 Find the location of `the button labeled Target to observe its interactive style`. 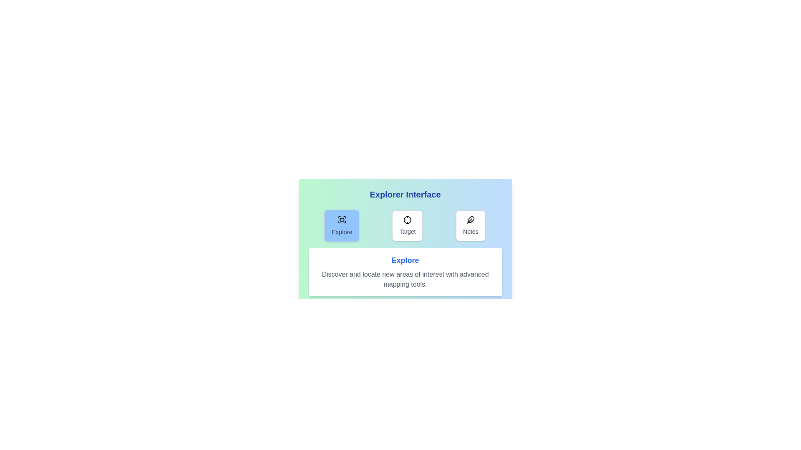

the button labeled Target to observe its interactive style is located at coordinates (407, 226).